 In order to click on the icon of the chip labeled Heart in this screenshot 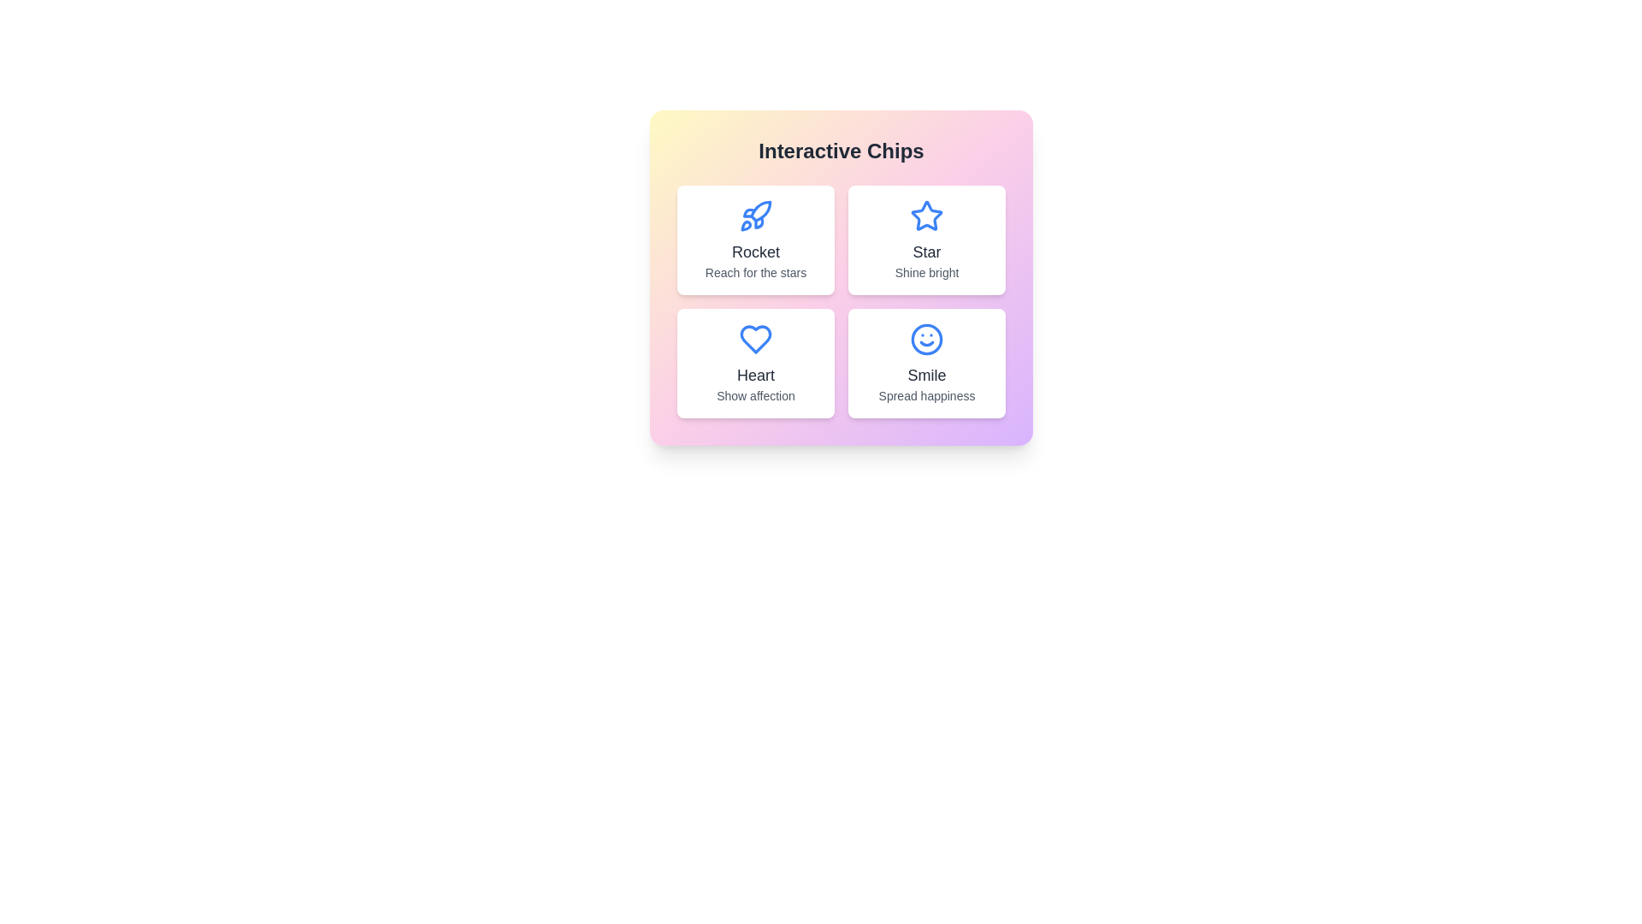, I will do `click(754, 340)`.